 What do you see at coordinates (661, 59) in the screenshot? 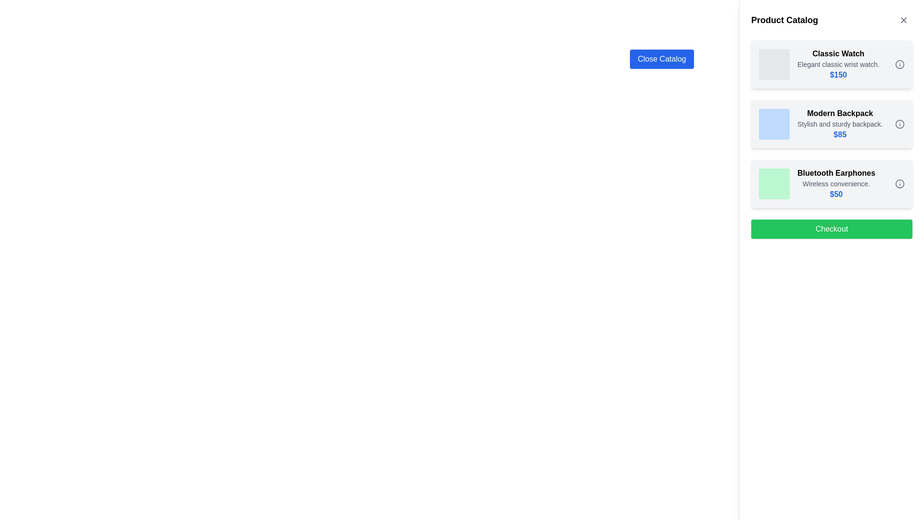
I see `the blue button labeled 'Close Catalog' located near the top of the right-side panel` at bounding box center [661, 59].